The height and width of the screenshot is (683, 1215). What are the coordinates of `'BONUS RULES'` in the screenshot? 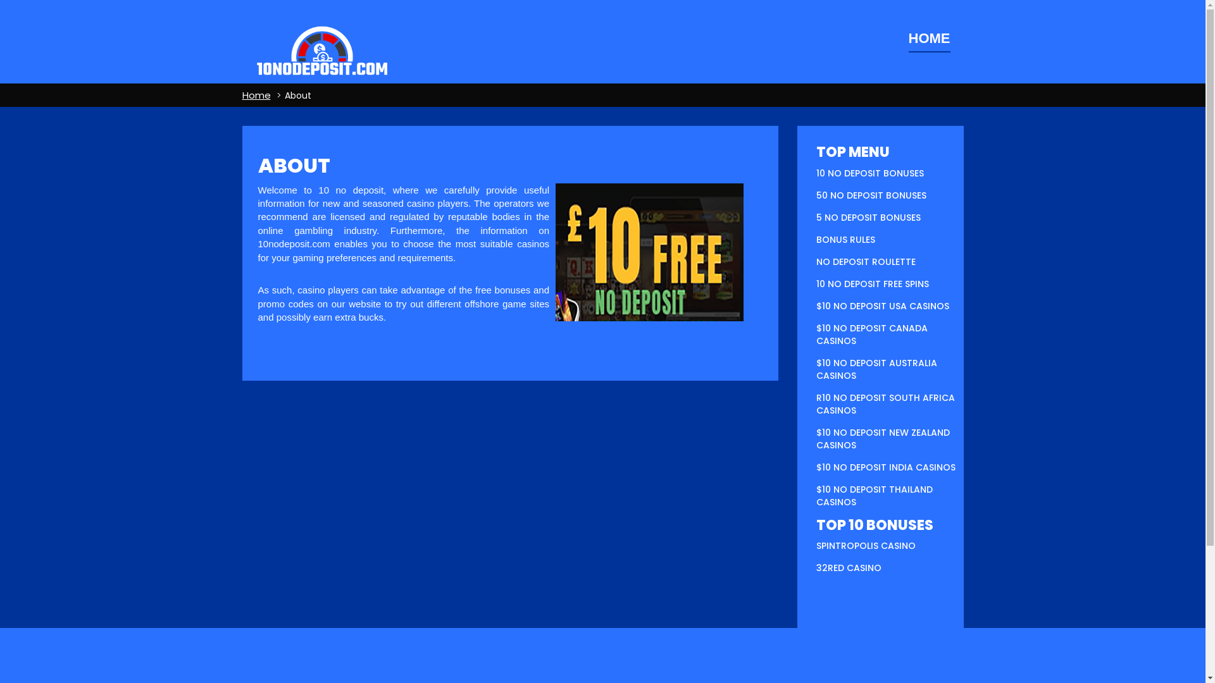 It's located at (845, 239).